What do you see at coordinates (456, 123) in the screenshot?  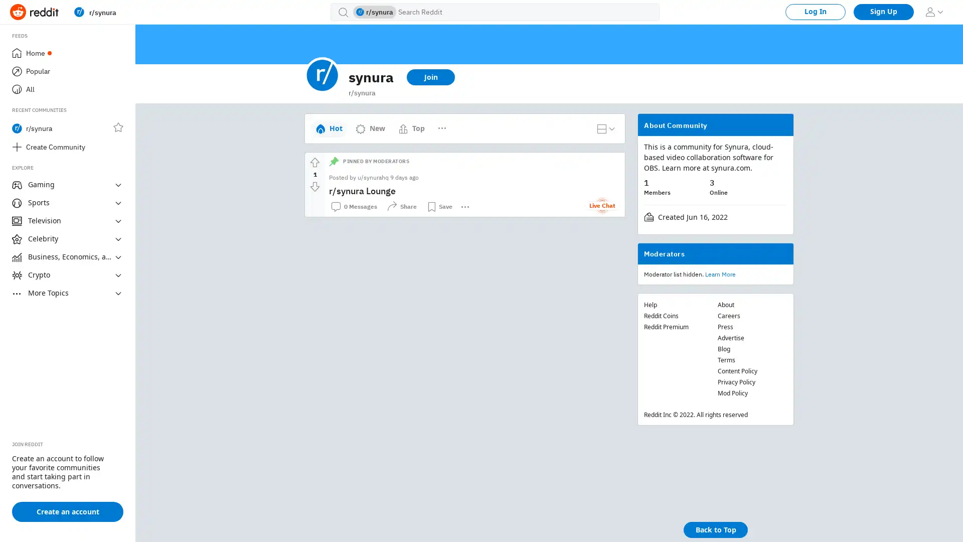 I see `New Posts` at bounding box center [456, 123].